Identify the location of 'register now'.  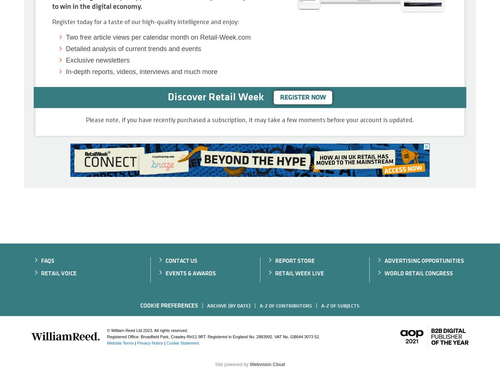
(303, 97).